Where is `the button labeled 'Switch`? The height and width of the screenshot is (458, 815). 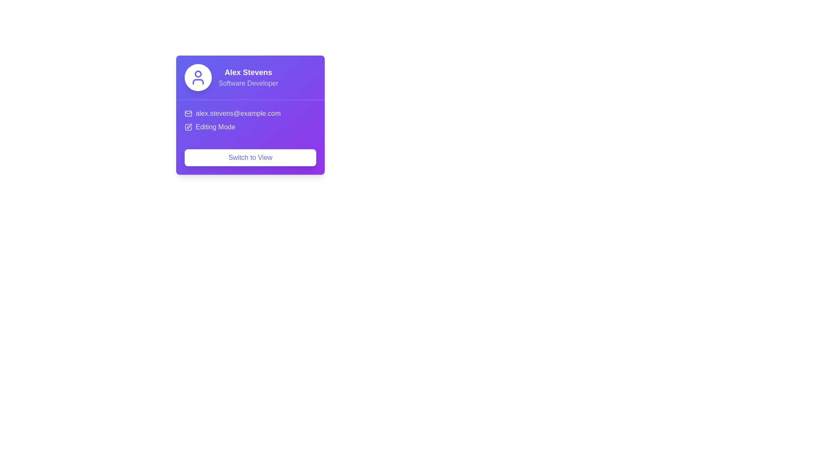
the button labeled 'Switch is located at coordinates (250, 157).